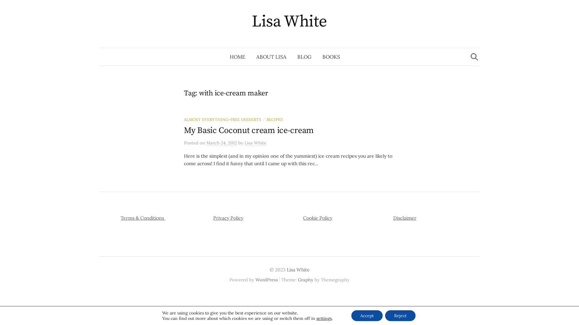 Image resolution: width=579 pixels, height=325 pixels. I want to click on 'HOME', so click(237, 57).